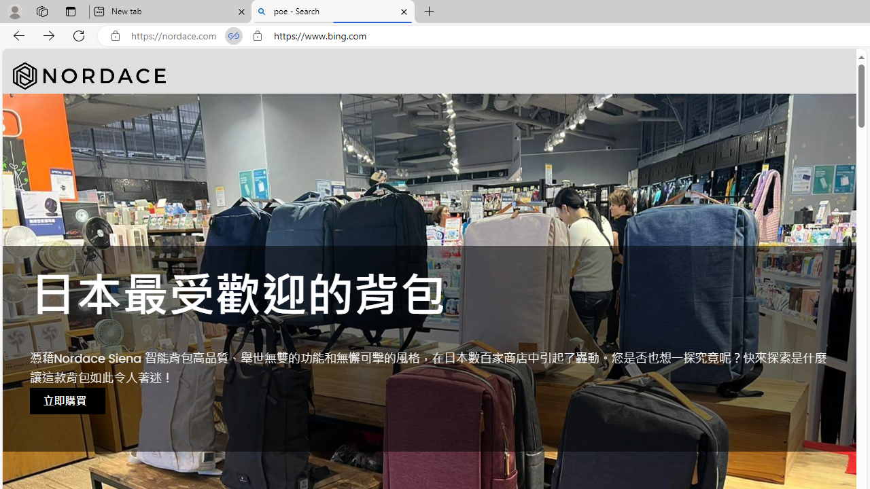  What do you see at coordinates (234, 35) in the screenshot?
I see `'Tabs in split screen'` at bounding box center [234, 35].